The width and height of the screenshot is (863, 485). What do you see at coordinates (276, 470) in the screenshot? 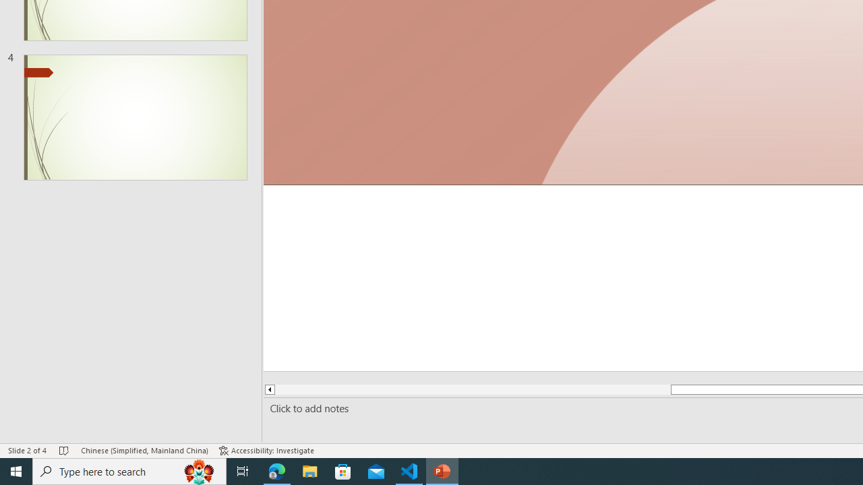
I see `'Microsoft Edge - 1 running window'` at bounding box center [276, 470].